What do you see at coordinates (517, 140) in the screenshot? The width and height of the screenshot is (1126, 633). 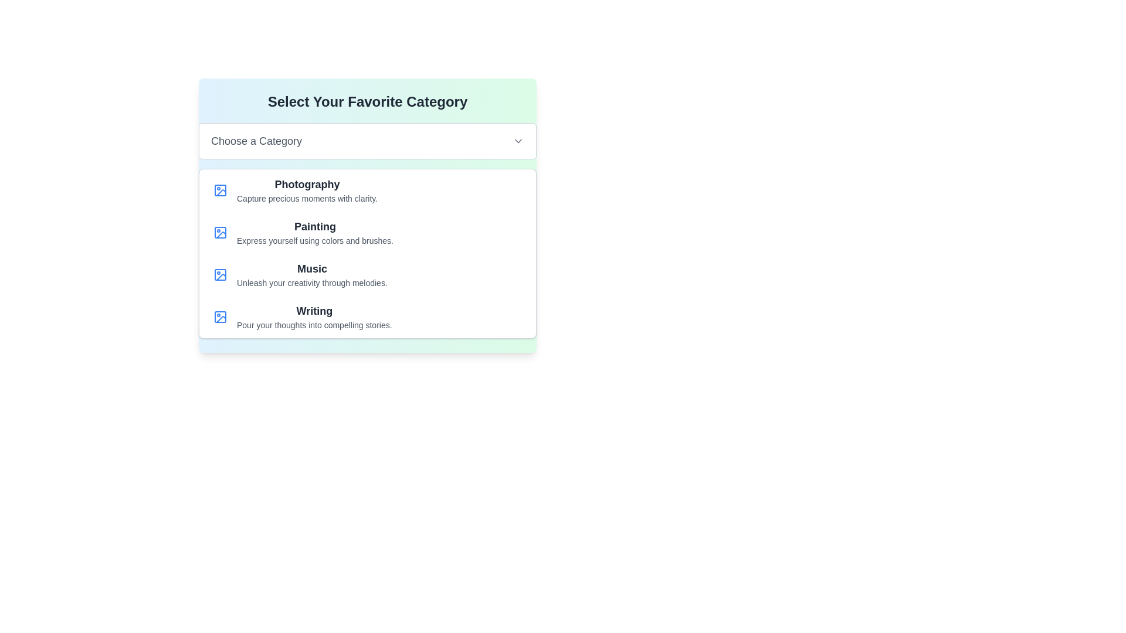 I see `the downward-facing chevron icon` at bounding box center [517, 140].